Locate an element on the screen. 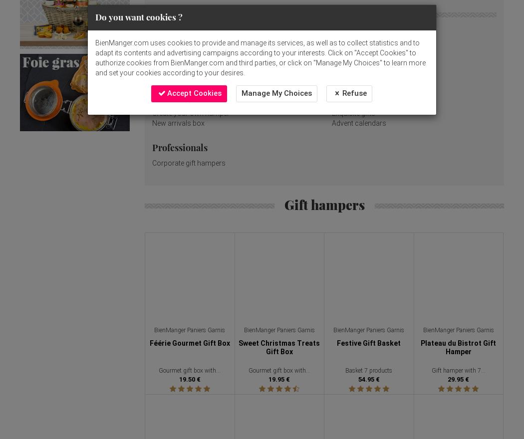  '29.95 €' is located at coordinates (447, 379).